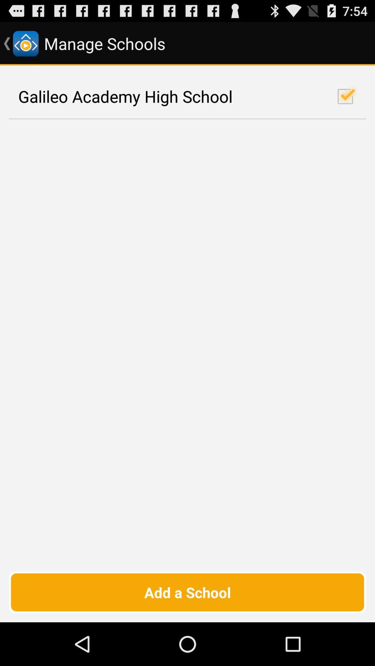 This screenshot has height=666, width=375. I want to click on add a school, so click(187, 592).